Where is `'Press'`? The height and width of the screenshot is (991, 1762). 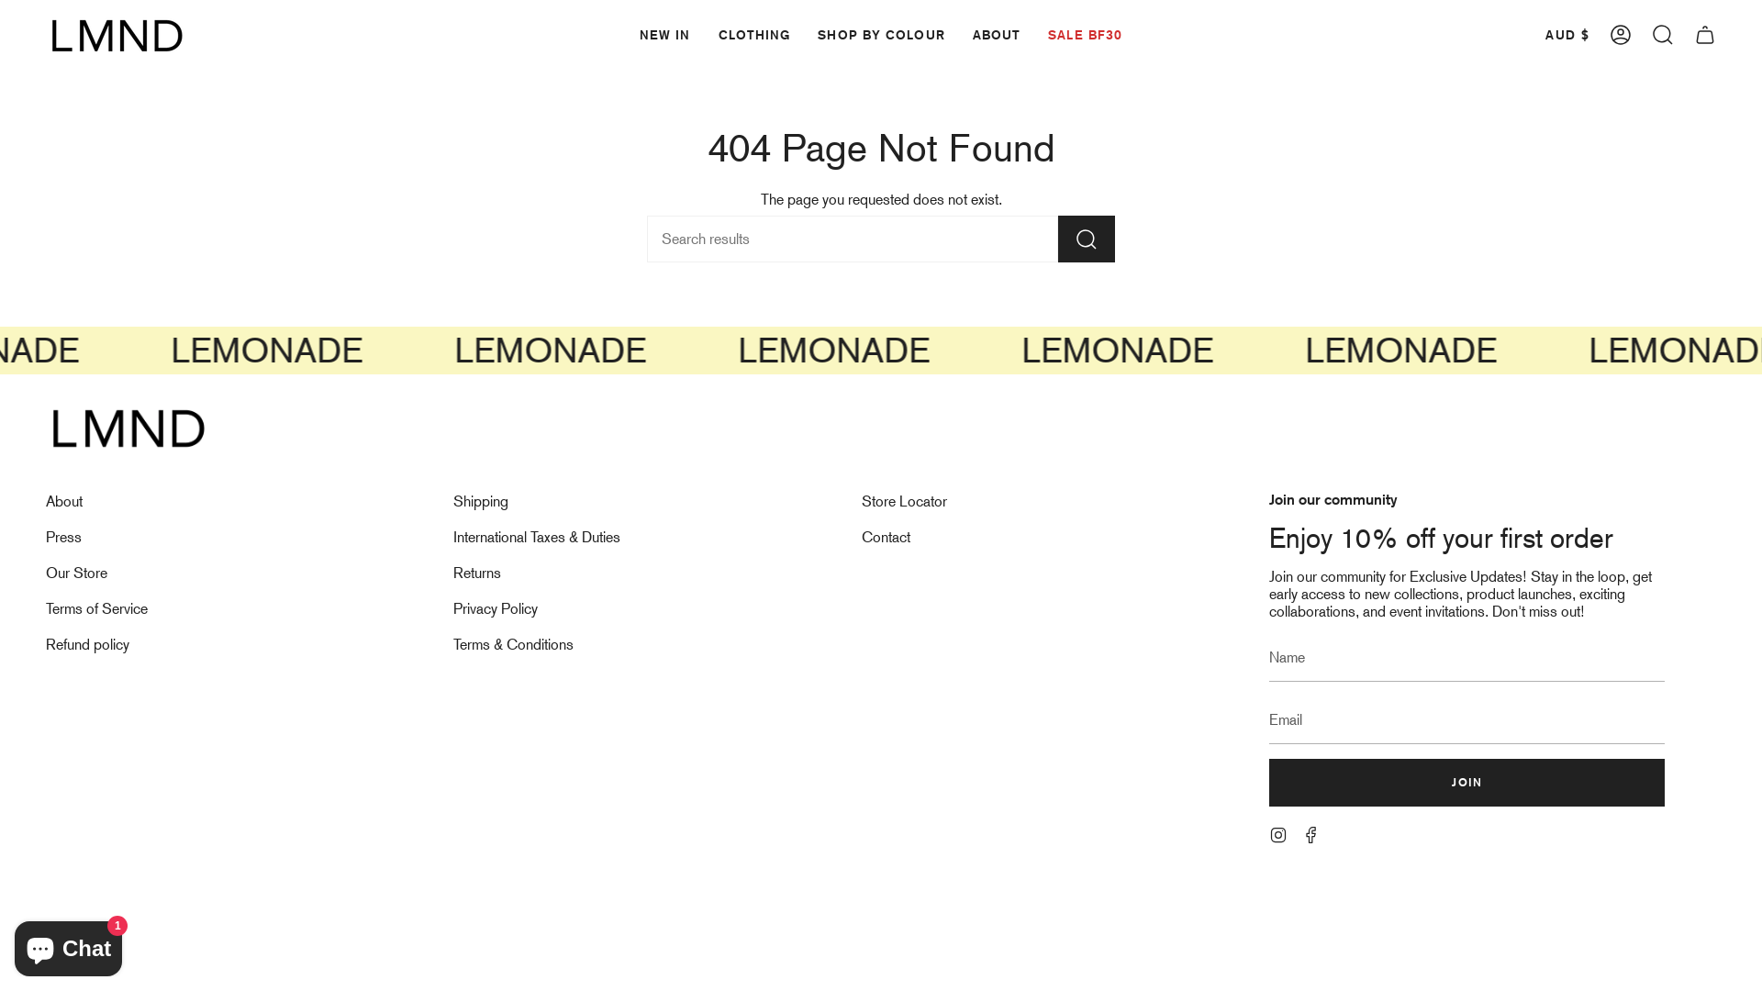 'Press' is located at coordinates (63, 537).